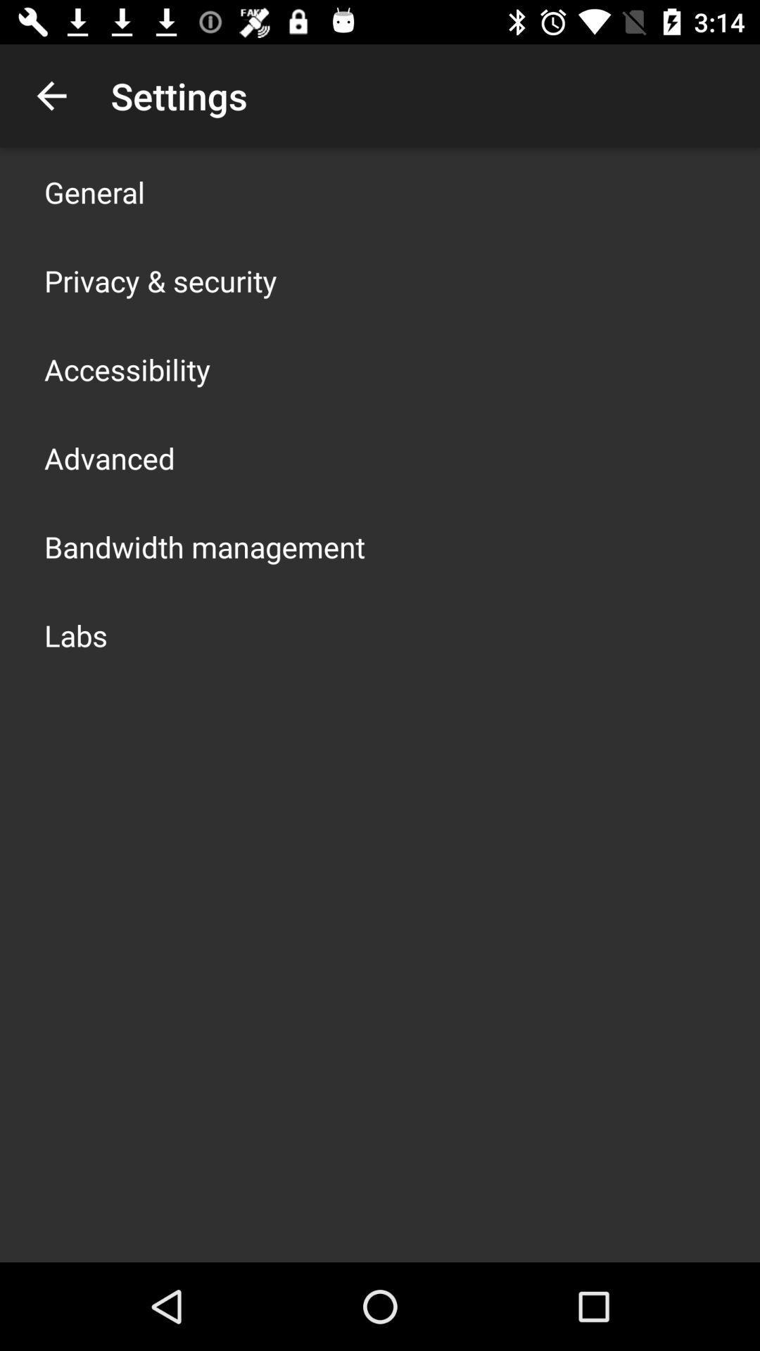 This screenshot has width=760, height=1351. Describe the element at coordinates (76, 634) in the screenshot. I see `app below bandwidth management app` at that location.